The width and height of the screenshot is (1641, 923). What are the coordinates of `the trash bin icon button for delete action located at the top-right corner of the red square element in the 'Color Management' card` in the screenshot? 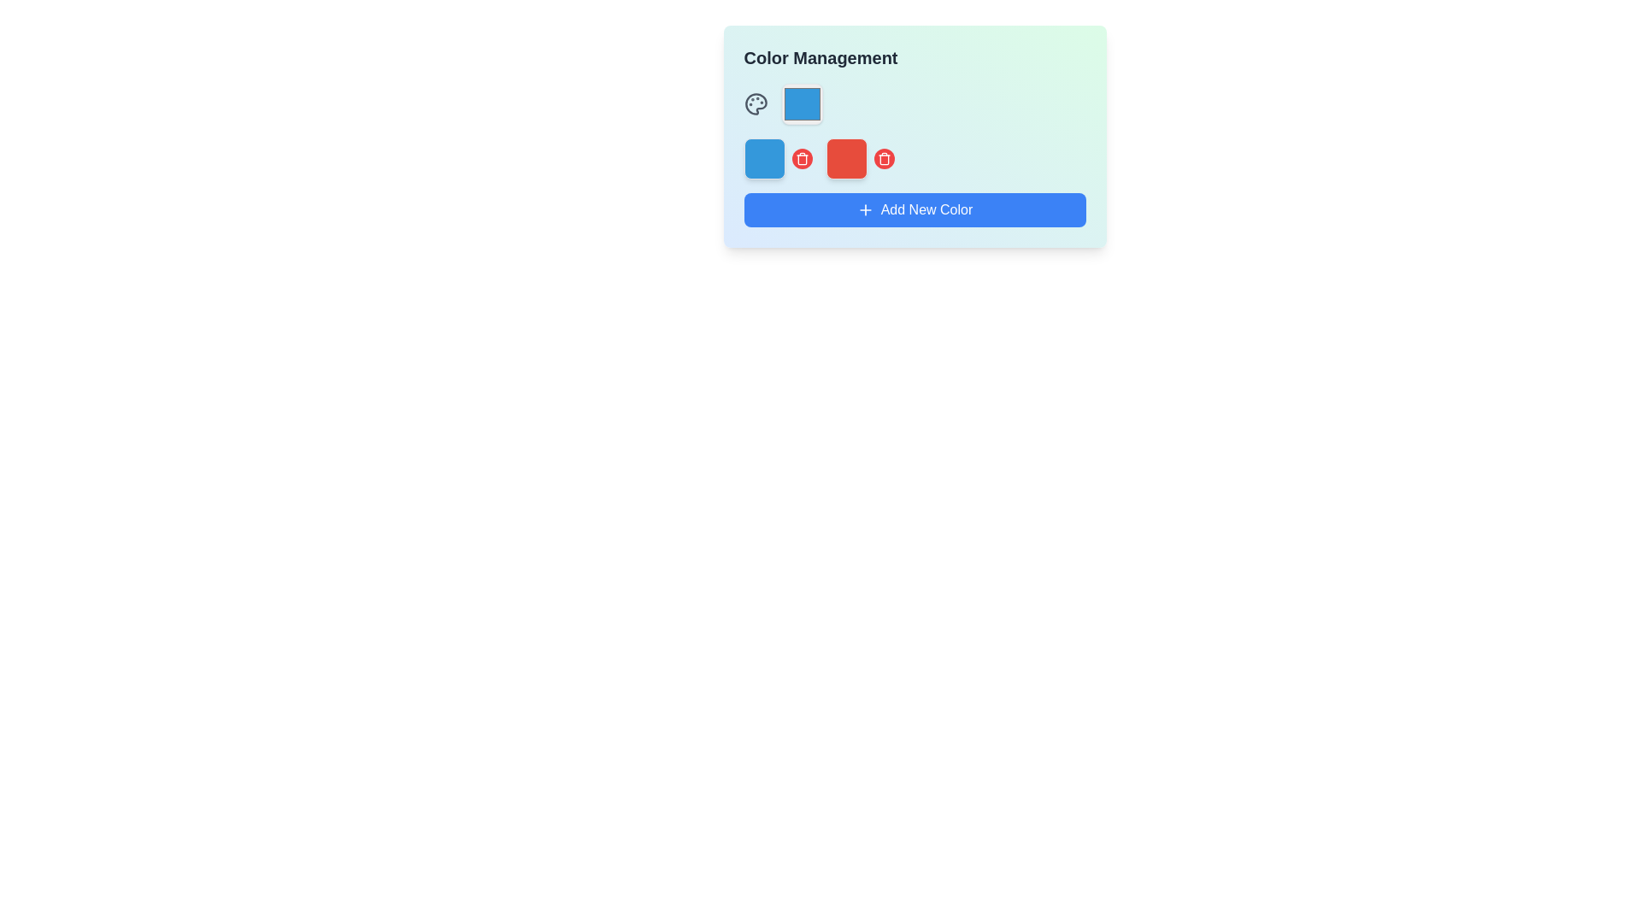 It's located at (801, 158).